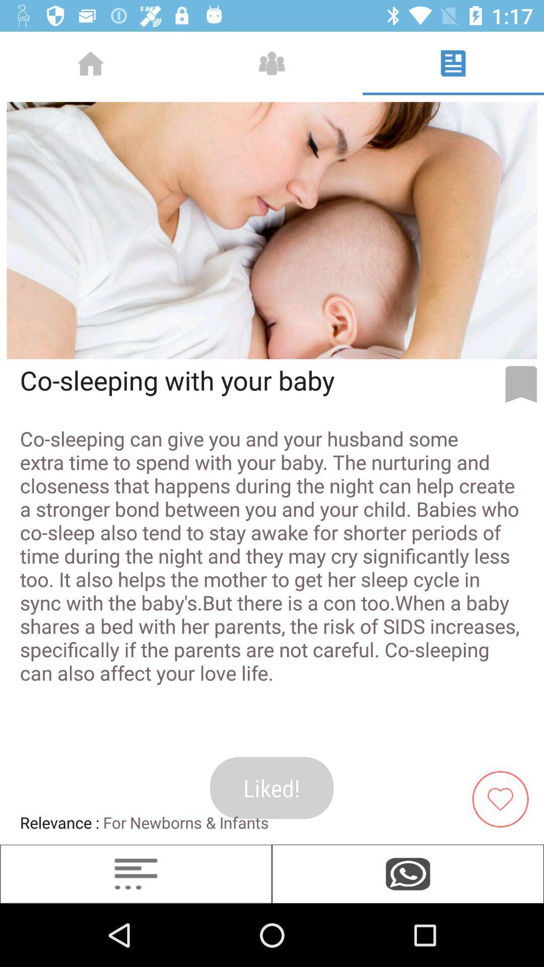  What do you see at coordinates (521, 384) in the screenshot?
I see `bookmark this` at bounding box center [521, 384].